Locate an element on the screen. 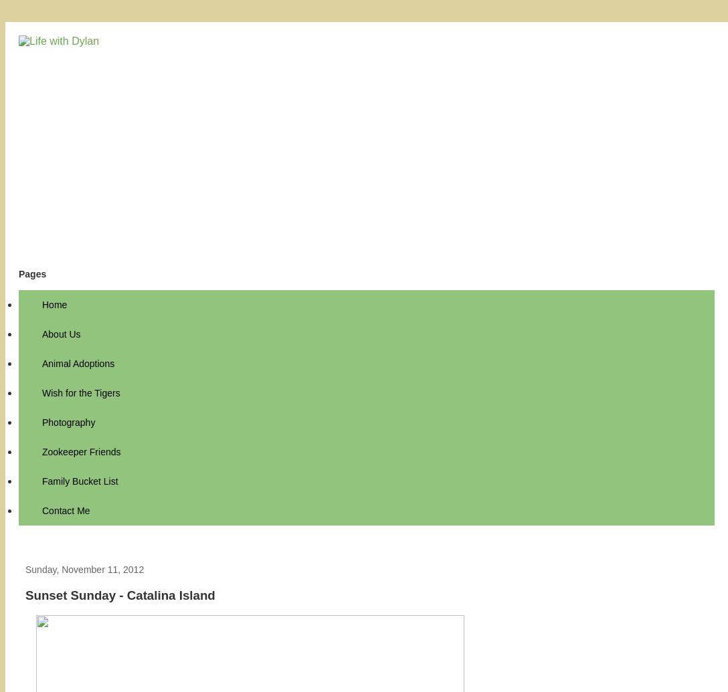 This screenshot has height=692, width=728. 'About Us' is located at coordinates (61, 334).